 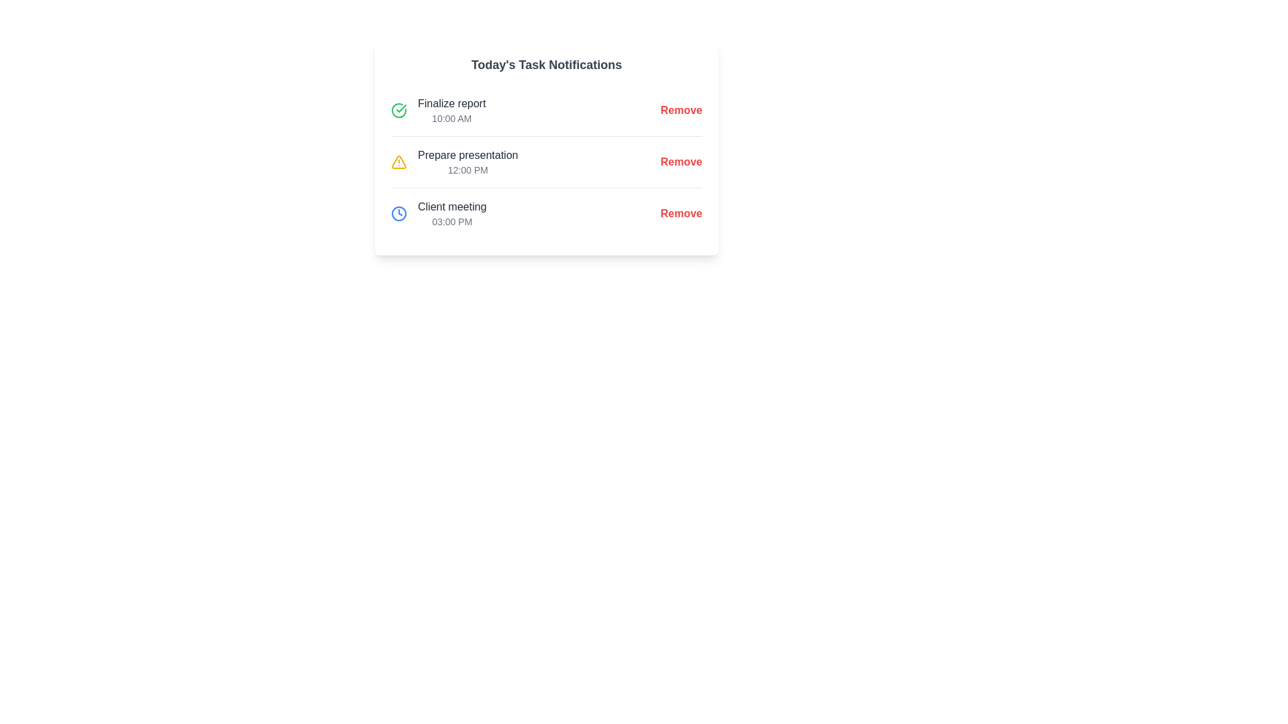 I want to click on the Label displaying '12:00 PM', which is a smaller, gray-colored text located below 'Prepare presentation' and to the left of the 'Remove' button, so click(x=468, y=170).